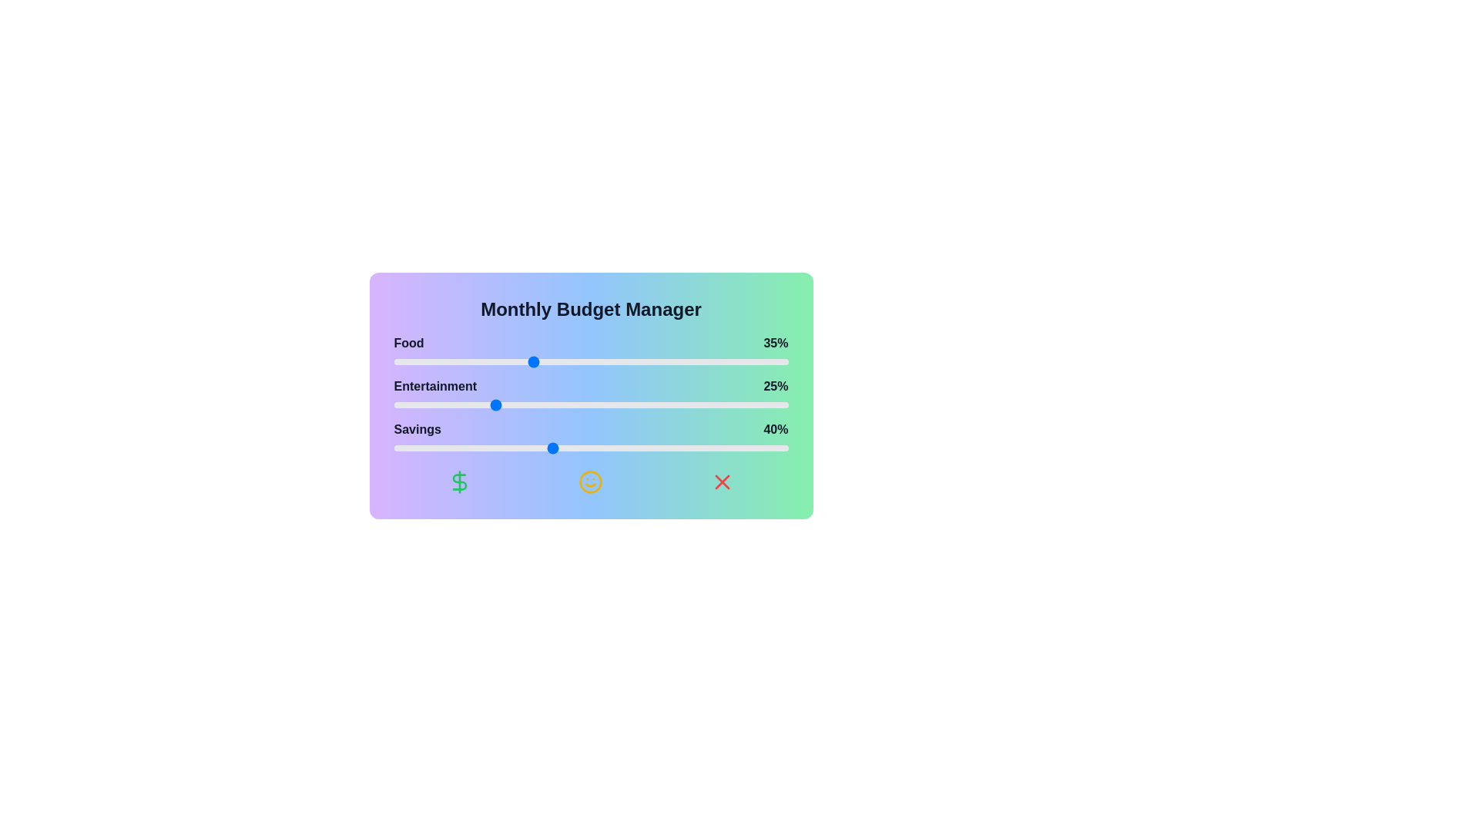 The width and height of the screenshot is (1479, 832). Describe the element at coordinates (401, 362) in the screenshot. I see `the 'Food' slider to 2%` at that location.